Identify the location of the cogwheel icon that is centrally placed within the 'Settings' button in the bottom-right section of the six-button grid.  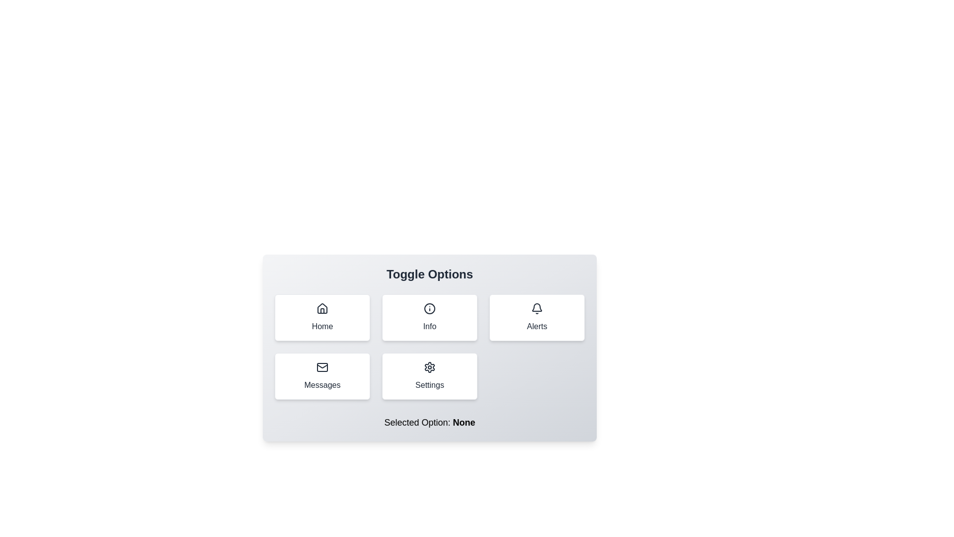
(429, 367).